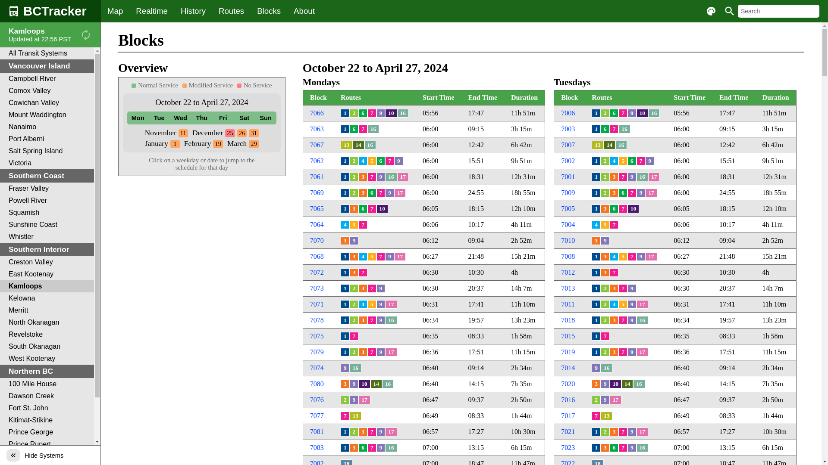 This screenshot has width=828, height=465. Describe the element at coordinates (399, 192) in the screenshot. I see `'17'` at that location.